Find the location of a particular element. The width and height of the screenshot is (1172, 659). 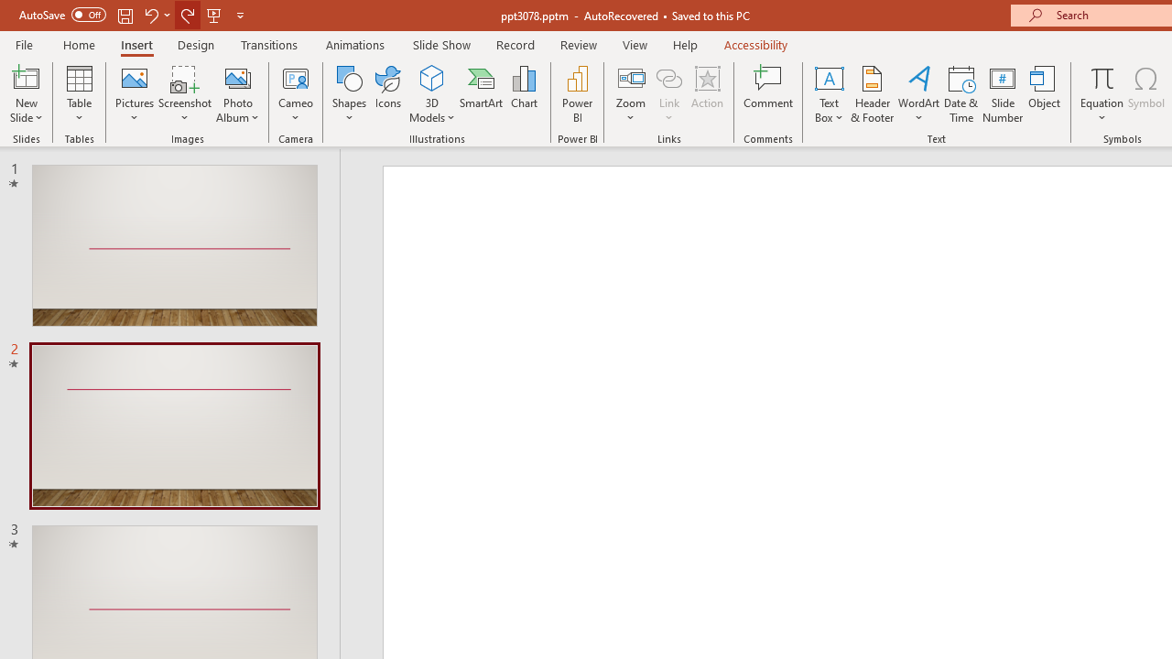

'Header & Footer...' is located at coordinates (871, 94).